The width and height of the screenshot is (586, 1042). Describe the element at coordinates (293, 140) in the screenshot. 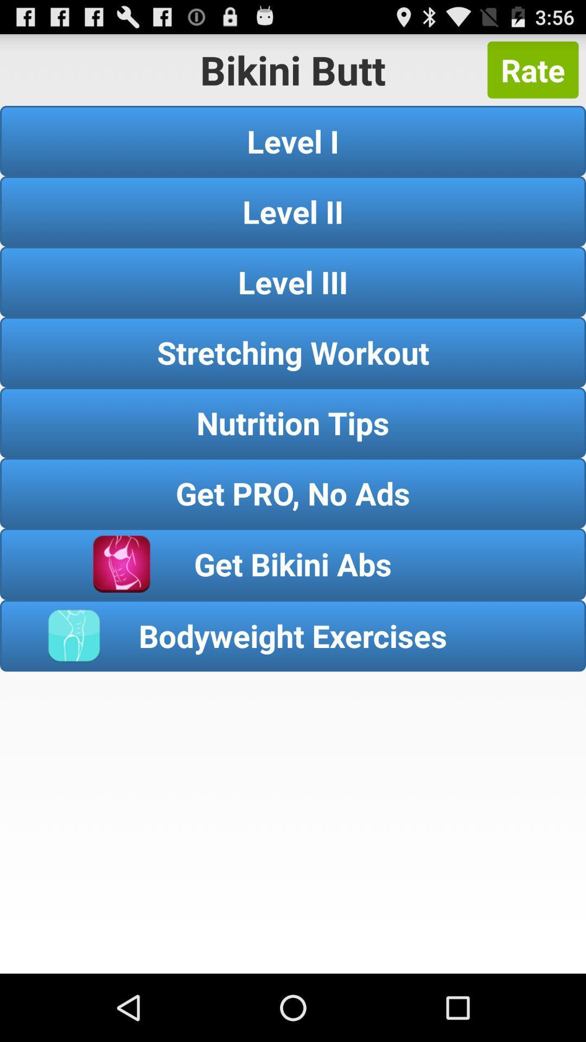

I see `item below rate icon` at that location.